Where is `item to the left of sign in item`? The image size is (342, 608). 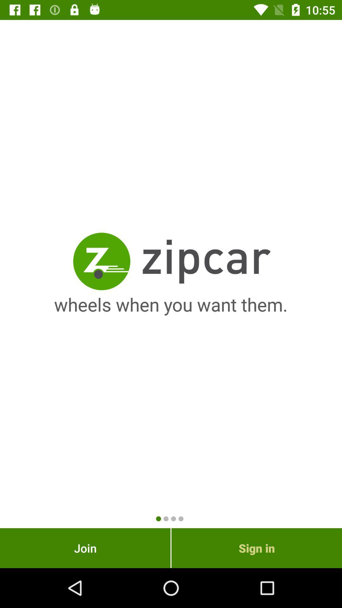 item to the left of sign in item is located at coordinates (85, 548).